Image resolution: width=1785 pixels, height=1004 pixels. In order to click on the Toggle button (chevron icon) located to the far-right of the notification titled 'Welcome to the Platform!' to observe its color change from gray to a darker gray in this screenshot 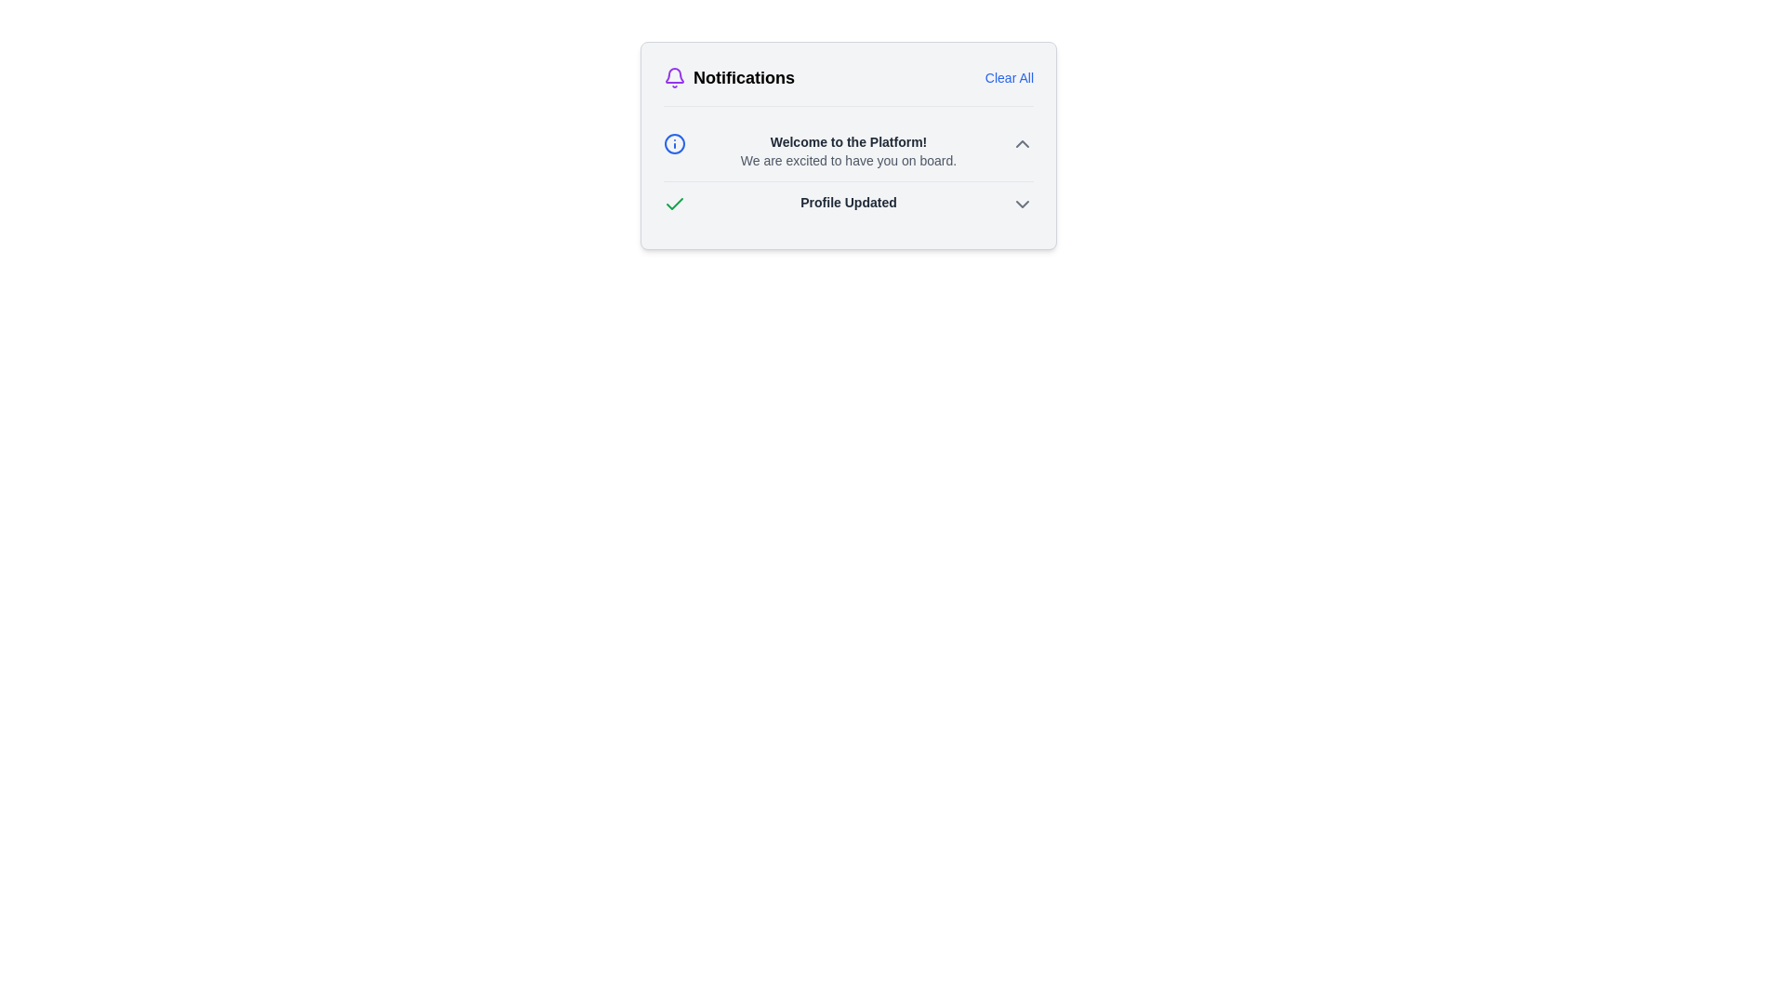, I will do `click(1021, 142)`.